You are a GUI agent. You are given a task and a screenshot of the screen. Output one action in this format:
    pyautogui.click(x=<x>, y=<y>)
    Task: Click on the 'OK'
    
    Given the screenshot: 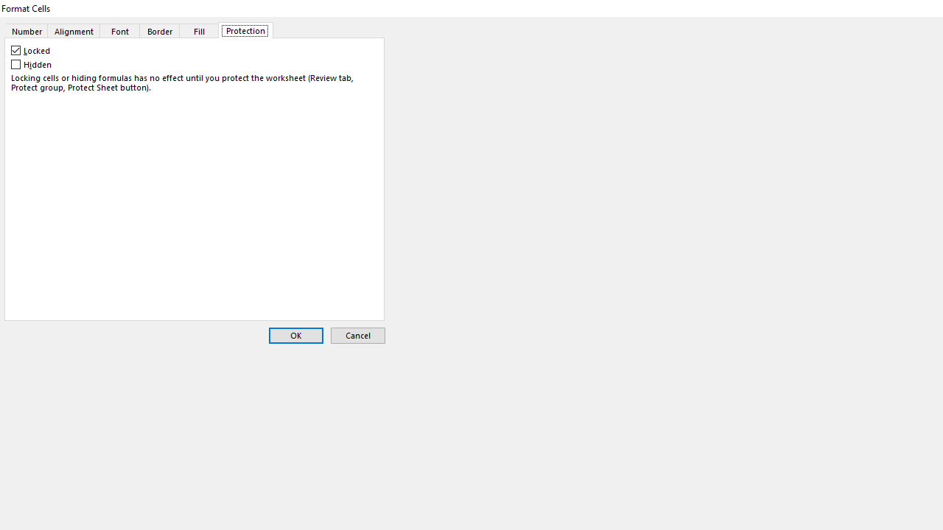 What is the action you would take?
    pyautogui.click(x=295, y=336)
    